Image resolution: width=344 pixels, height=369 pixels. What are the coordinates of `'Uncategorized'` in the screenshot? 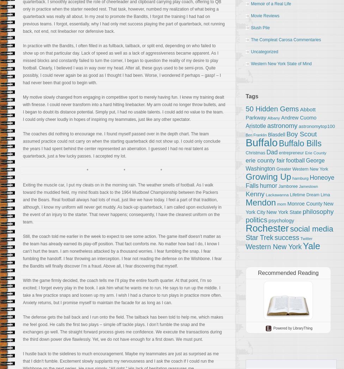 It's located at (250, 51).